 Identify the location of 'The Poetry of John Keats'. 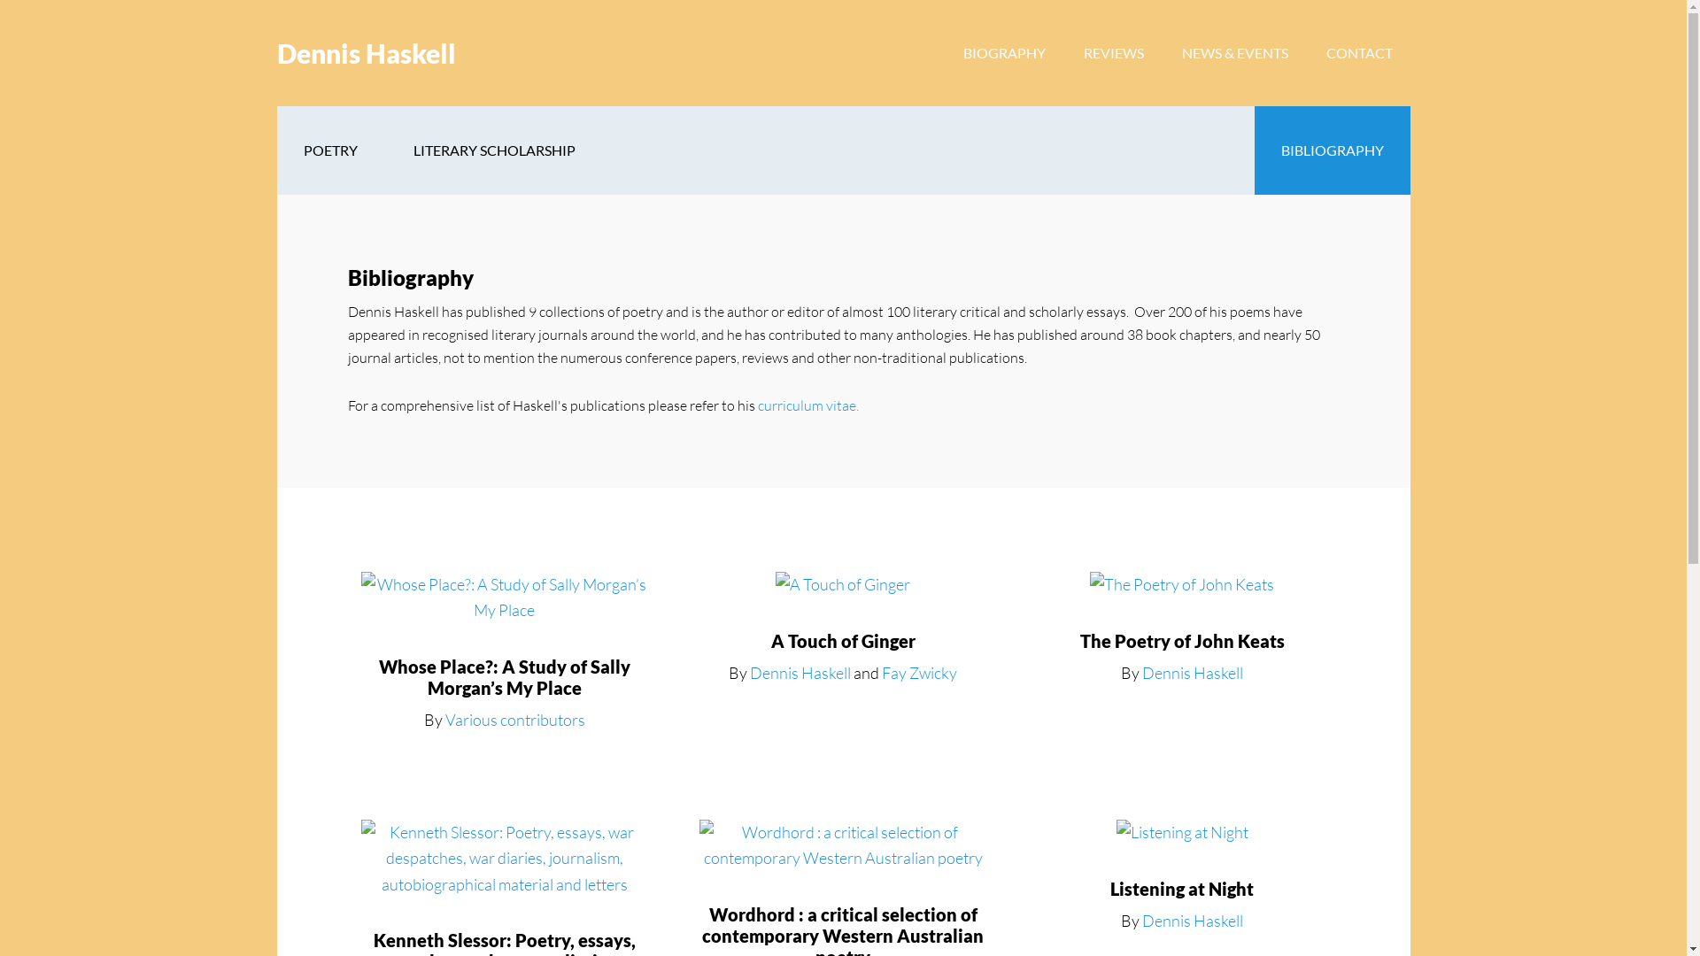
(1182, 641).